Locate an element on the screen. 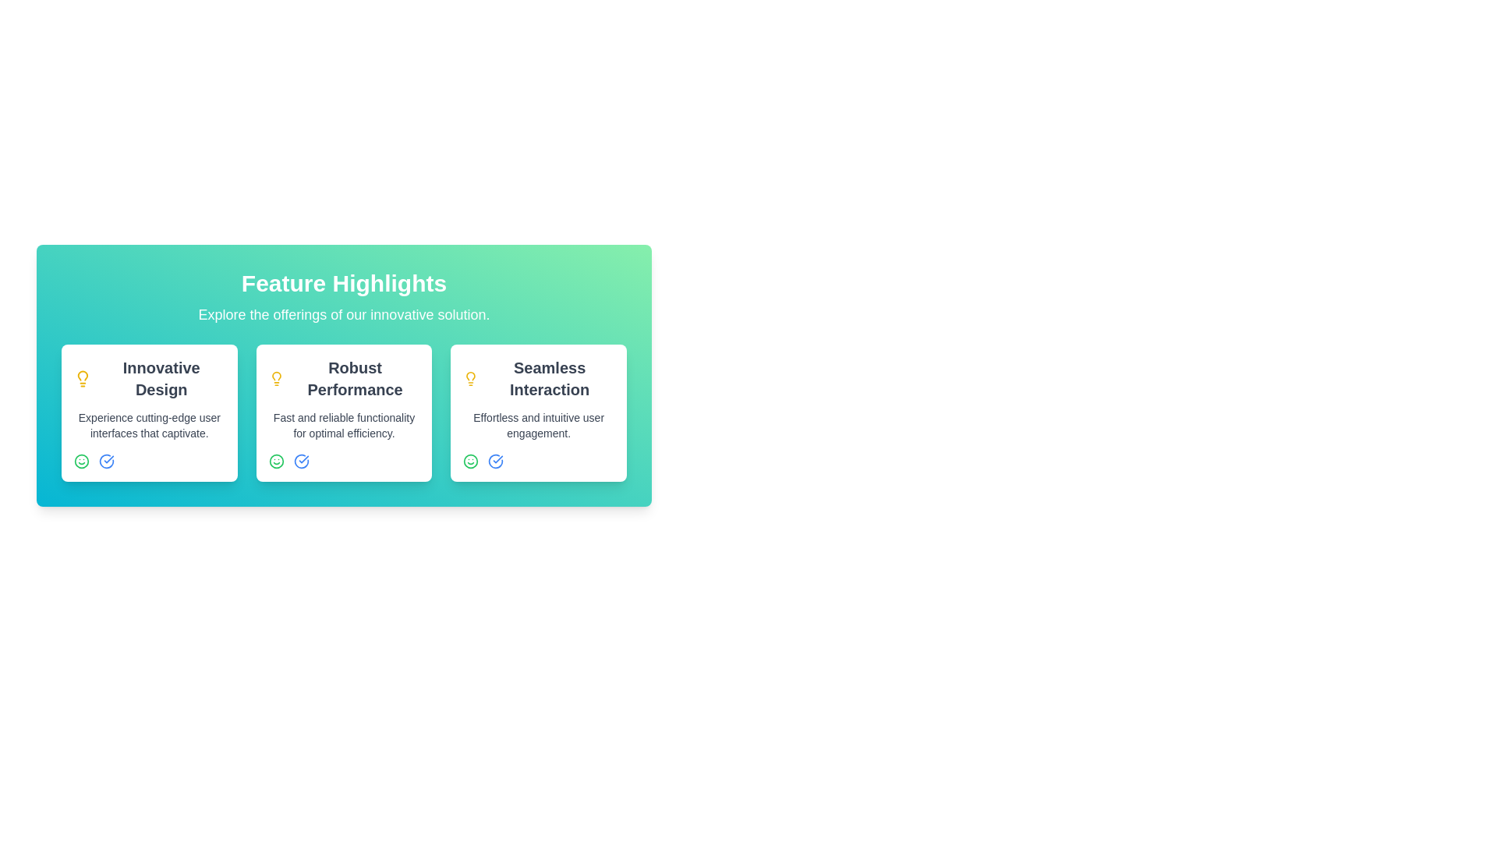 This screenshot has width=1497, height=842. the 'Innovative Design' feature title, which is located at the top of the first highlighted card, accompanied by a yellow lightbulb icon is located at coordinates (149, 379).